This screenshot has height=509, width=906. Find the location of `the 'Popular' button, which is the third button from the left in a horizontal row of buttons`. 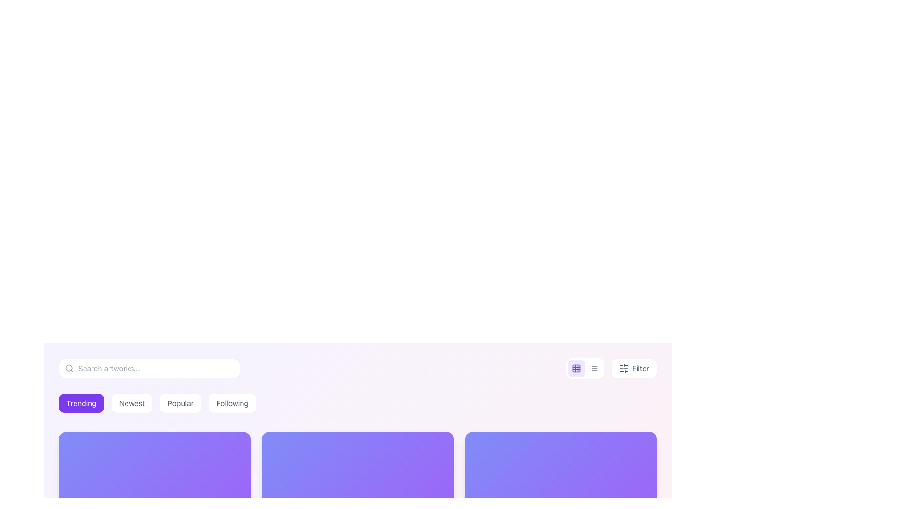

the 'Popular' button, which is the third button from the left in a horizontal row of buttons is located at coordinates (180, 403).